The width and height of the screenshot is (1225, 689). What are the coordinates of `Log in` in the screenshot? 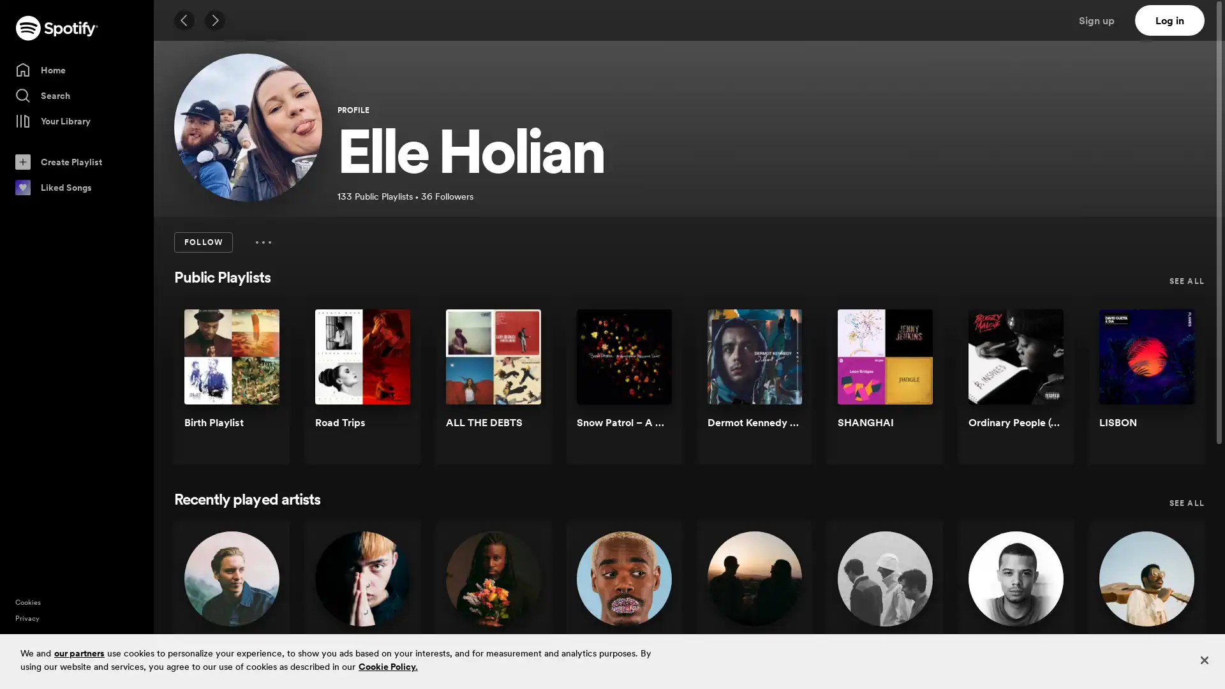 It's located at (1169, 20).